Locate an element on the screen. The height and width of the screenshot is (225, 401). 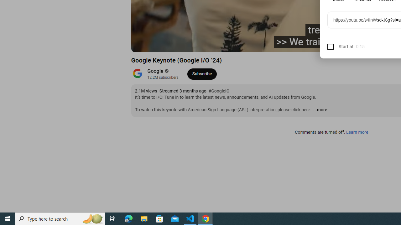
'#GoogleIO' is located at coordinates (219, 91).